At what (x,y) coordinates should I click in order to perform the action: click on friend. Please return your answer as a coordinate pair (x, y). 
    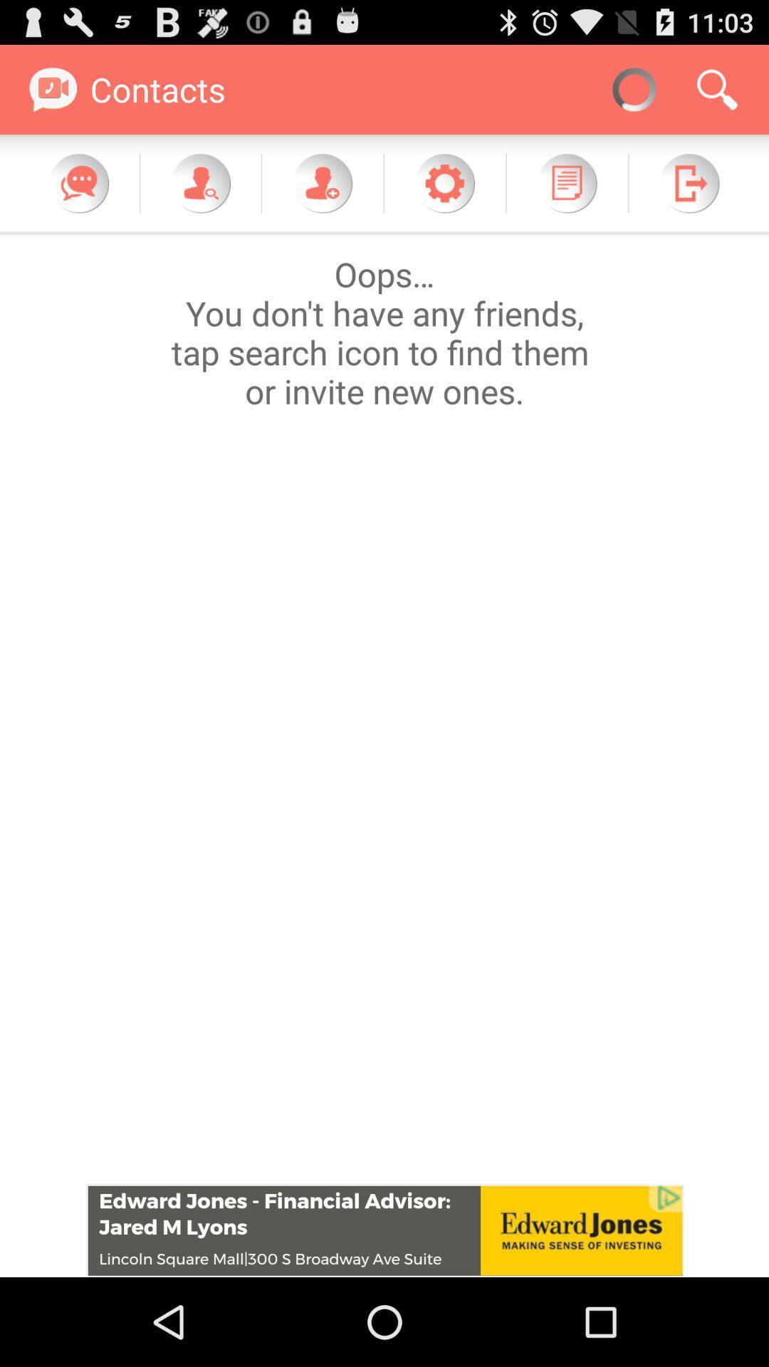
    Looking at the image, I should click on (322, 182).